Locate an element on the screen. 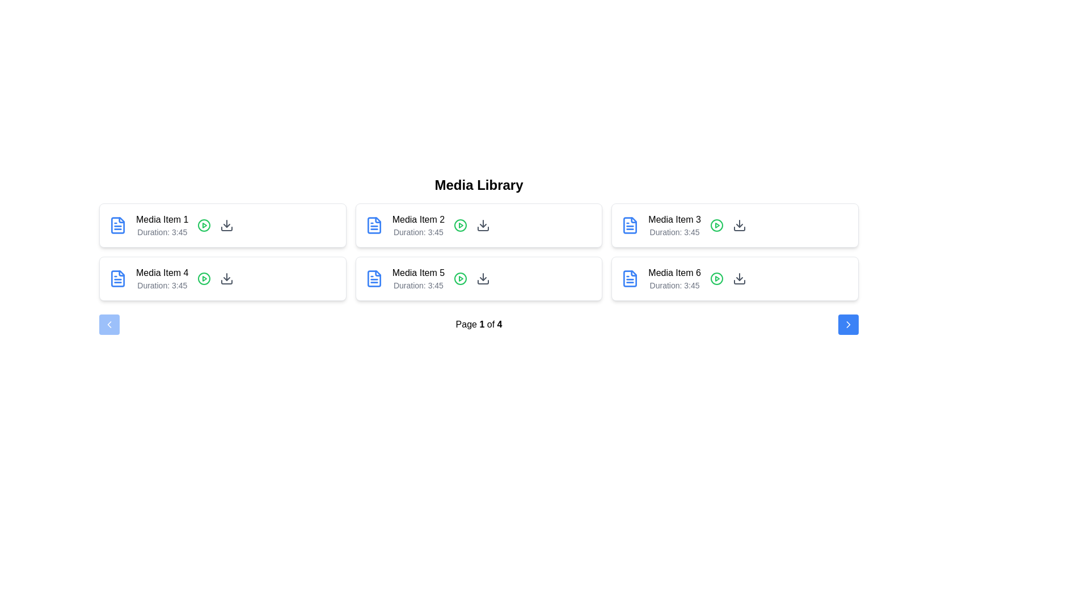  the circular visual boundary that serves as a decorative or functional boundary for the play icon in the second media card of the media library layout, located slightly to the right of the text label 'Media Item 2' is located at coordinates (461, 225).